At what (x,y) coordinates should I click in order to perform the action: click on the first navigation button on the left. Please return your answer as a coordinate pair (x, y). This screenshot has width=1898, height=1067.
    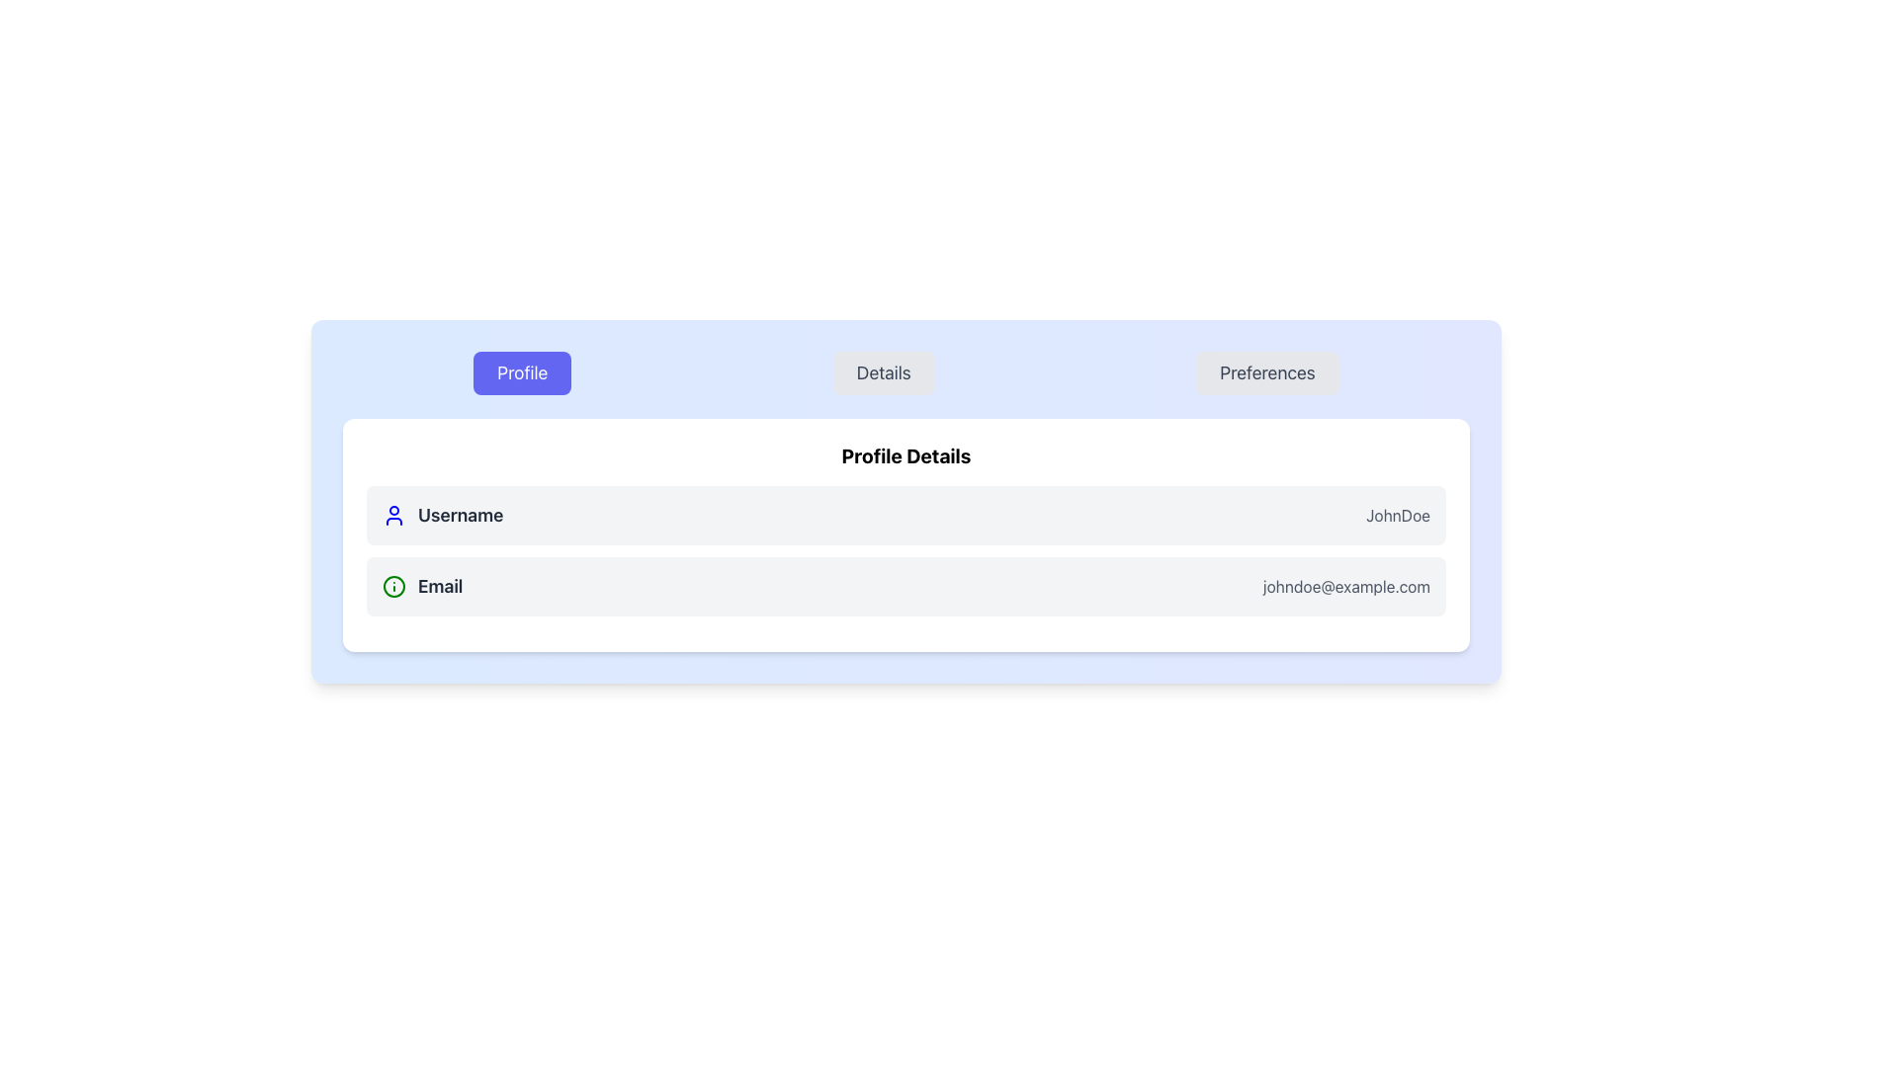
    Looking at the image, I should click on (522, 373).